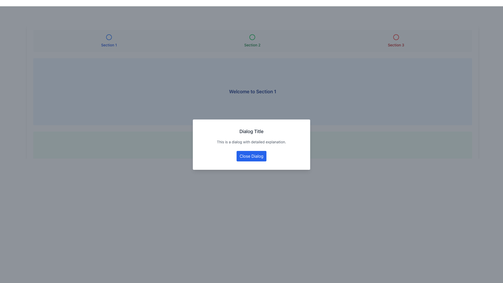 Image resolution: width=503 pixels, height=283 pixels. I want to click on the hyperlink with icon and text, so click(396, 40).